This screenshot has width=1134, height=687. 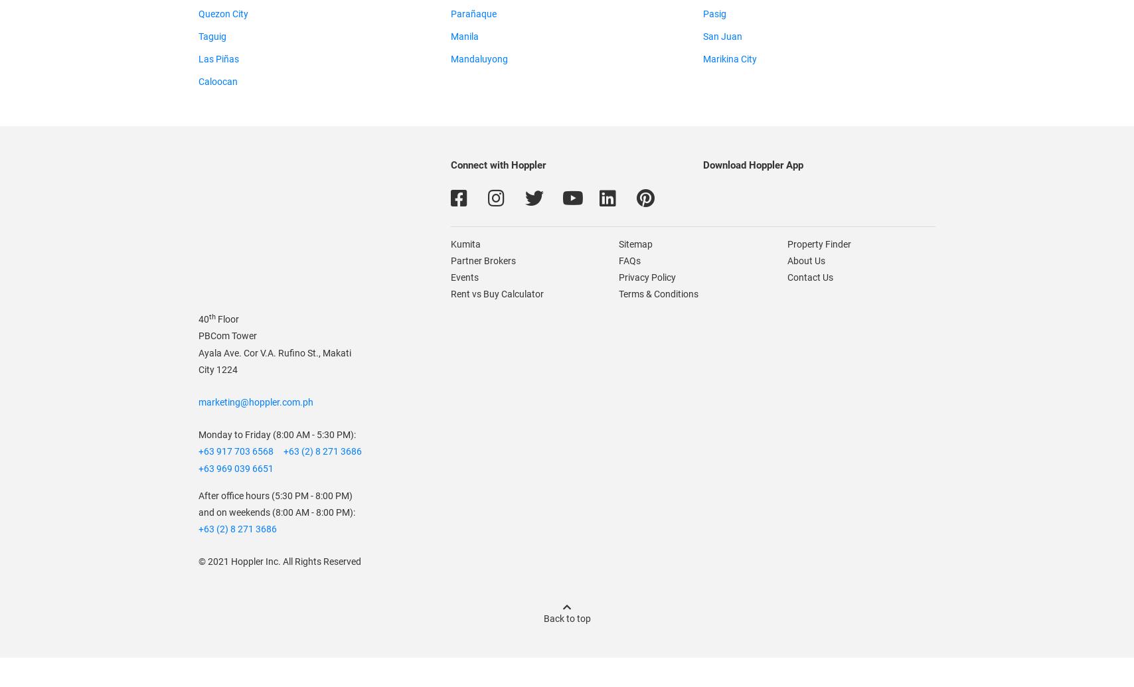 I want to click on 'Kumita', so click(x=450, y=244).